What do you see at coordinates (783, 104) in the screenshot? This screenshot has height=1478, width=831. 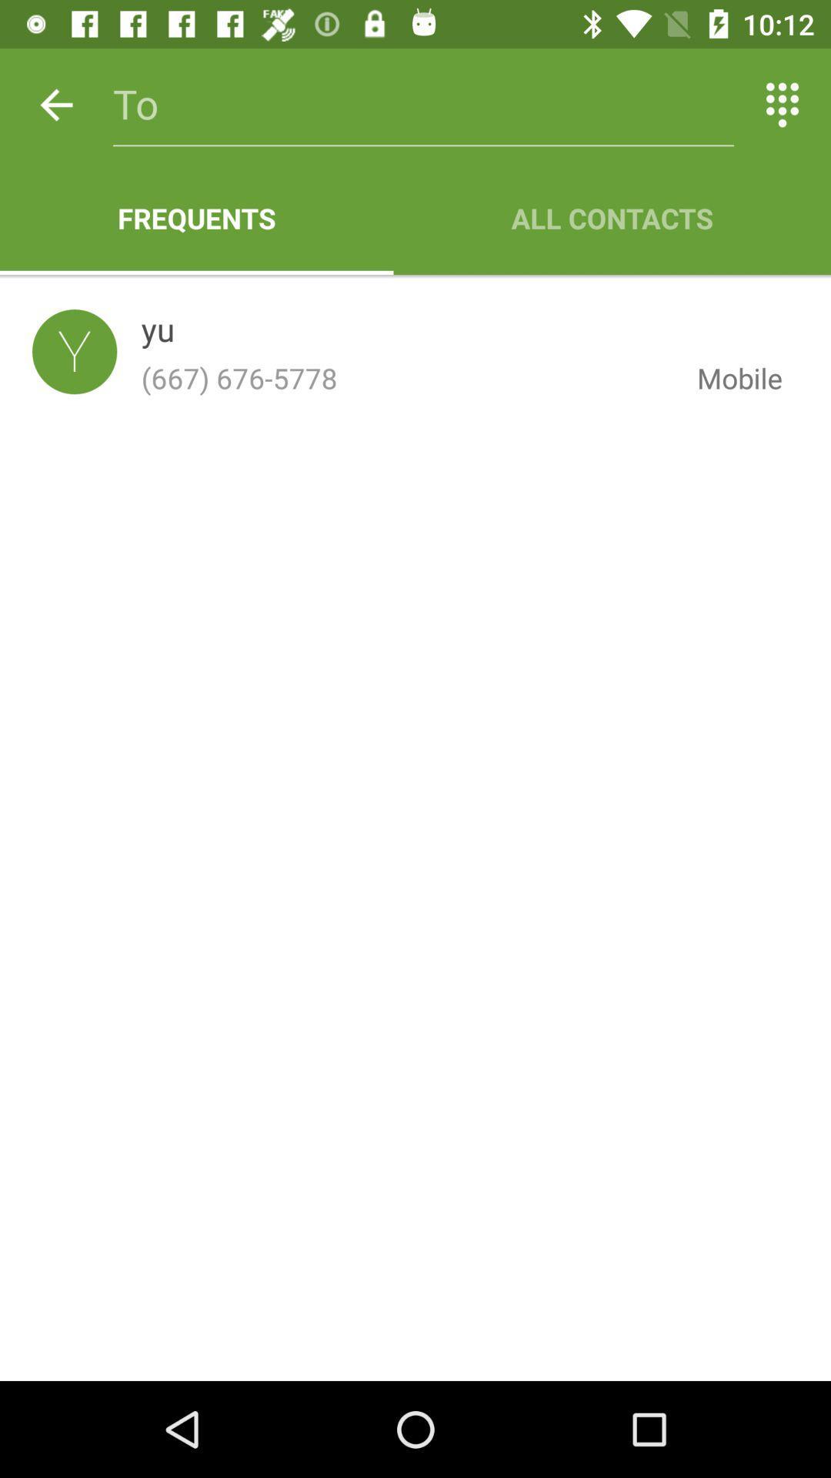 I see `the icon above all contacts icon` at bounding box center [783, 104].